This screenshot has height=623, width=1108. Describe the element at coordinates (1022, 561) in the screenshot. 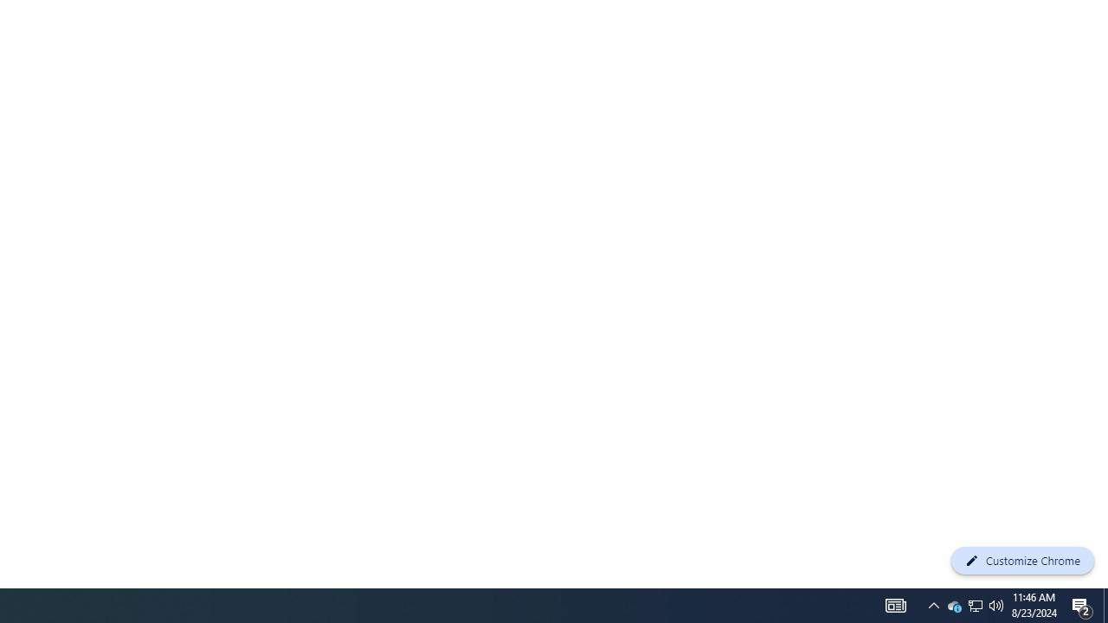

I see `'Customize Chrome'` at that location.